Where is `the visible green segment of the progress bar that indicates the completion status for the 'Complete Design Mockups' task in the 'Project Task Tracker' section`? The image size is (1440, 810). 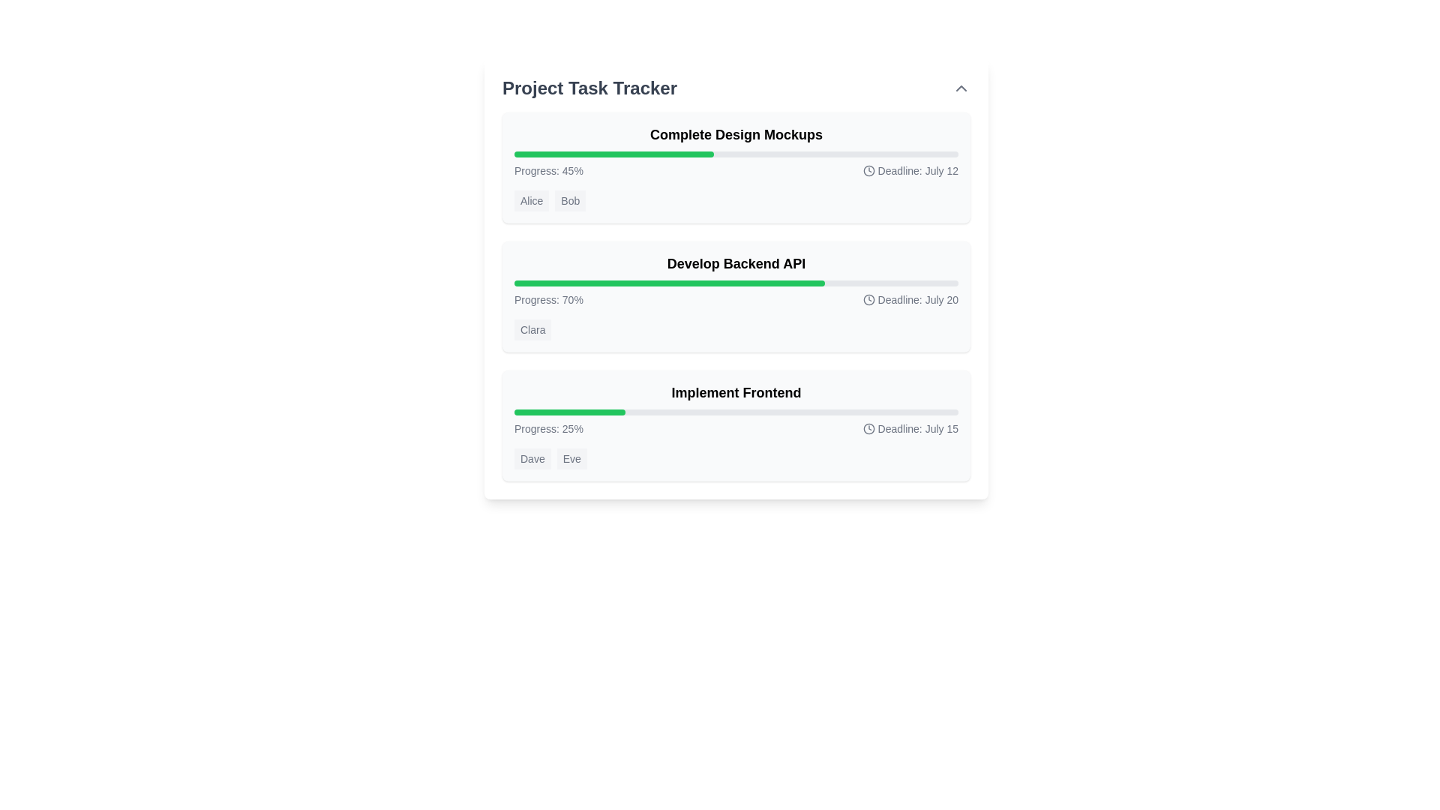 the visible green segment of the progress bar that indicates the completion status for the 'Complete Design Mockups' task in the 'Project Task Tracker' section is located at coordinates (568, 412).